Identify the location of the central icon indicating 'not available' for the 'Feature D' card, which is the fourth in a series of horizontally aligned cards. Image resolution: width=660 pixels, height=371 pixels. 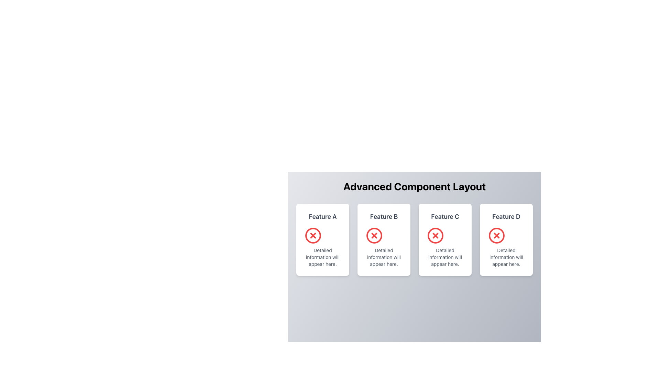
(496, 235).